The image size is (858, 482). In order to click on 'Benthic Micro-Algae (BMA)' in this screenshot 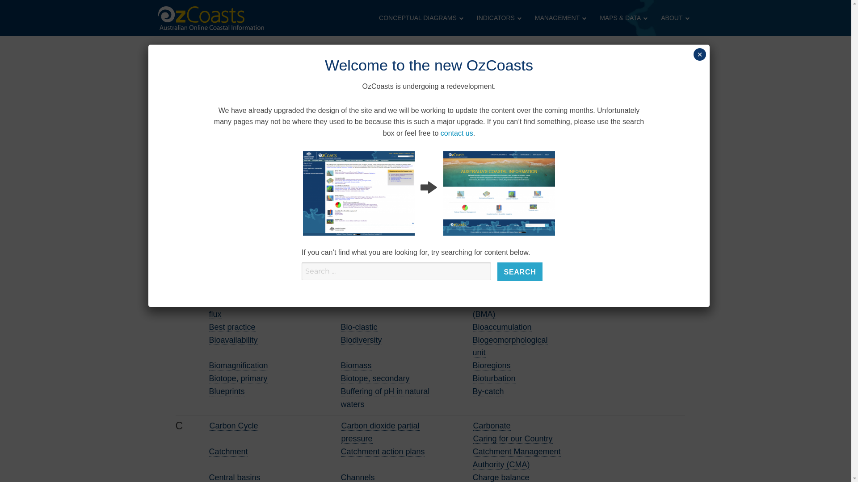, I will do `click(472, 307)`.